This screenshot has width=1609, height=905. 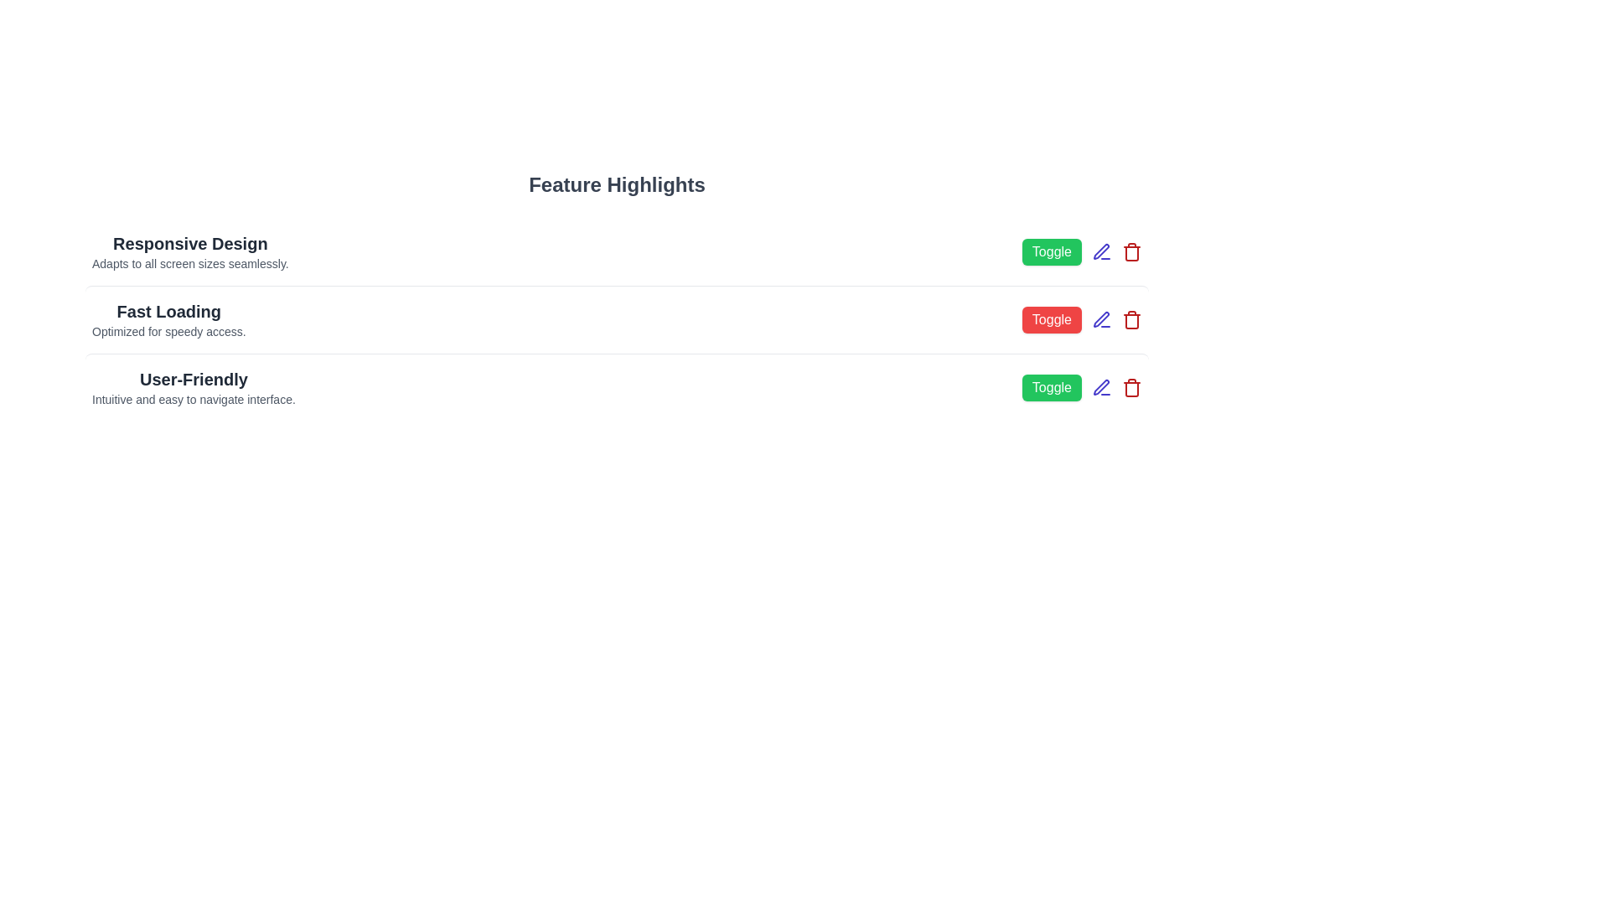 I want to click on the 'Toggle' button next to the feature with name Fast Loading, so click(x=1050, y=319).